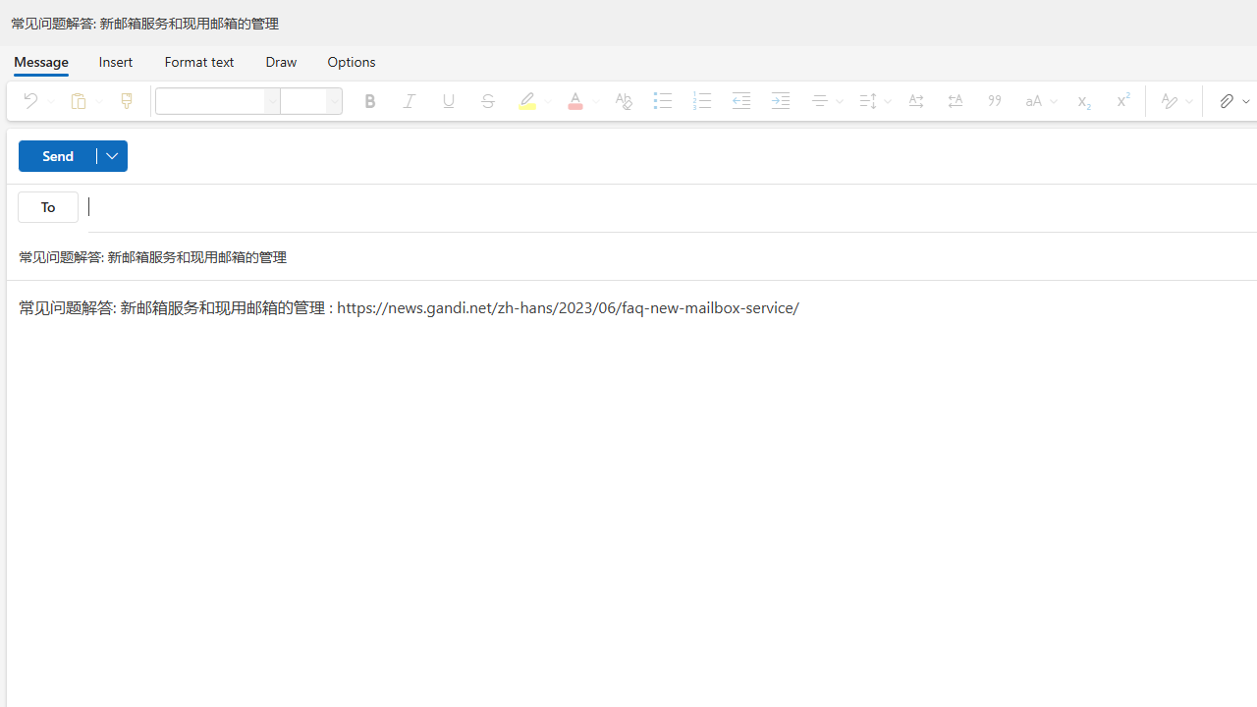 The image size is (1257, 707). What do you see at coordinates (73, 155) in the screenshot?
I see `'Send'` at bounding box center [73, 155].